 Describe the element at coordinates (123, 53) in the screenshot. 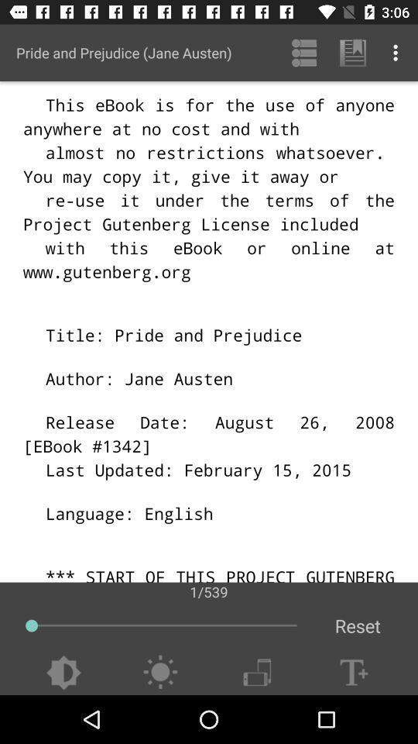

I see `the icon above the 1/539 app` at that location.